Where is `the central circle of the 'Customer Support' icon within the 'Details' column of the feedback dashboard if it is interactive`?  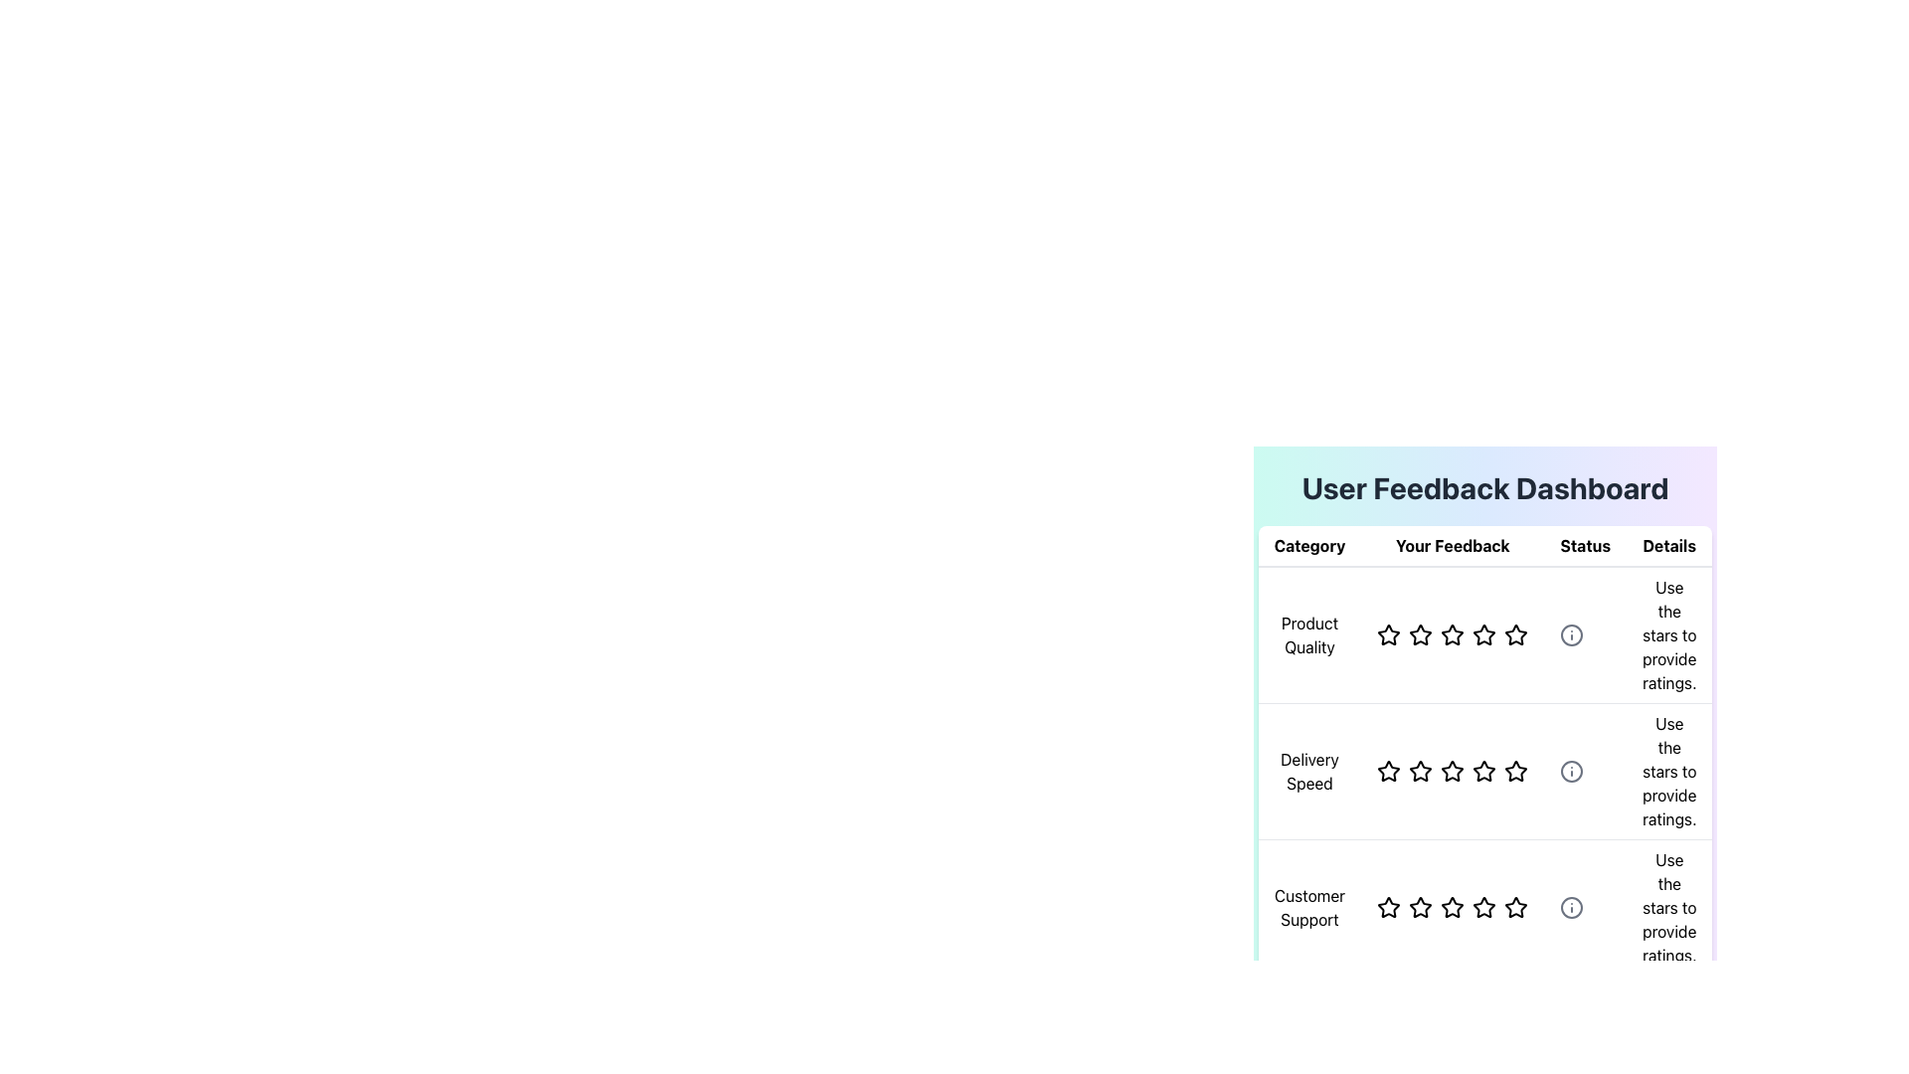
the central circle of the 'Customer Support' icon within the 'Details' column of the feedback dashboard if it is interactive is located at coordinates (1571, 908).